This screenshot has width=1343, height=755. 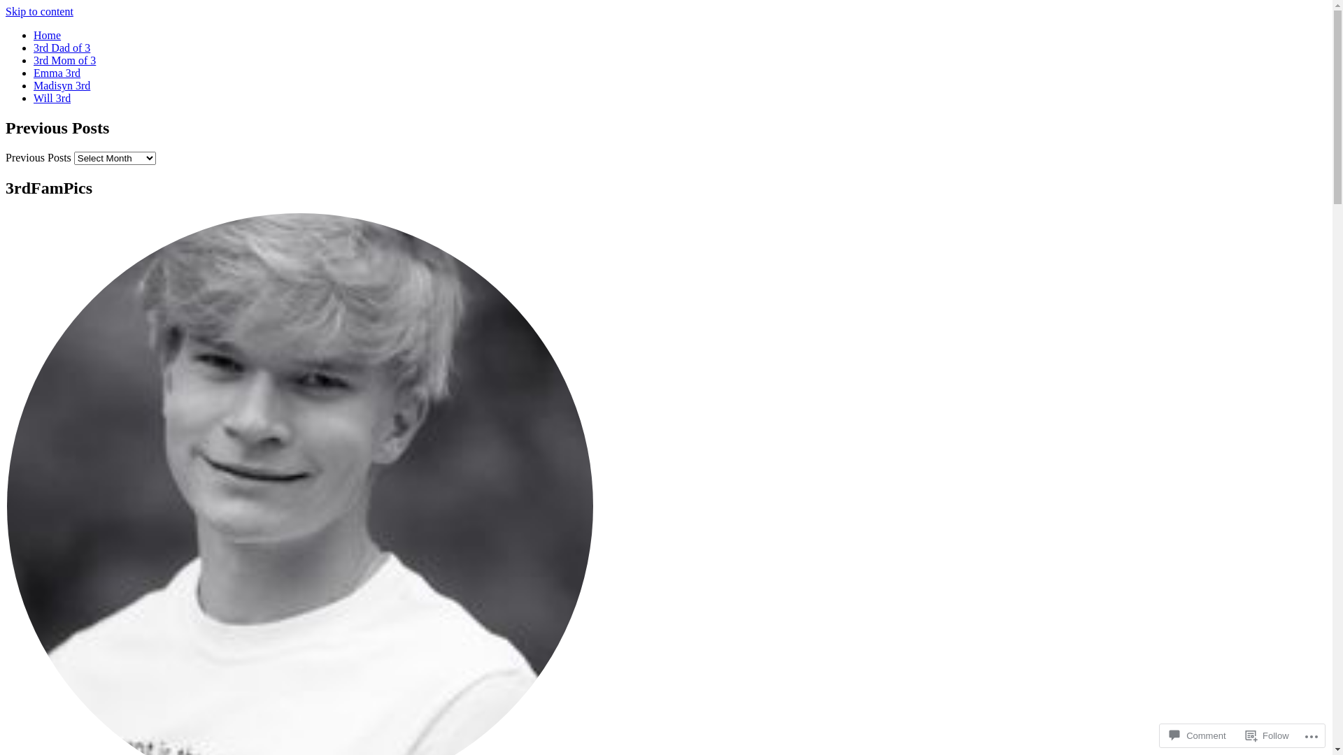 What do you see at coordinates (34, 97) in the screenshot?
I see `'Will 3rd'` at bounding box center [34, 97].